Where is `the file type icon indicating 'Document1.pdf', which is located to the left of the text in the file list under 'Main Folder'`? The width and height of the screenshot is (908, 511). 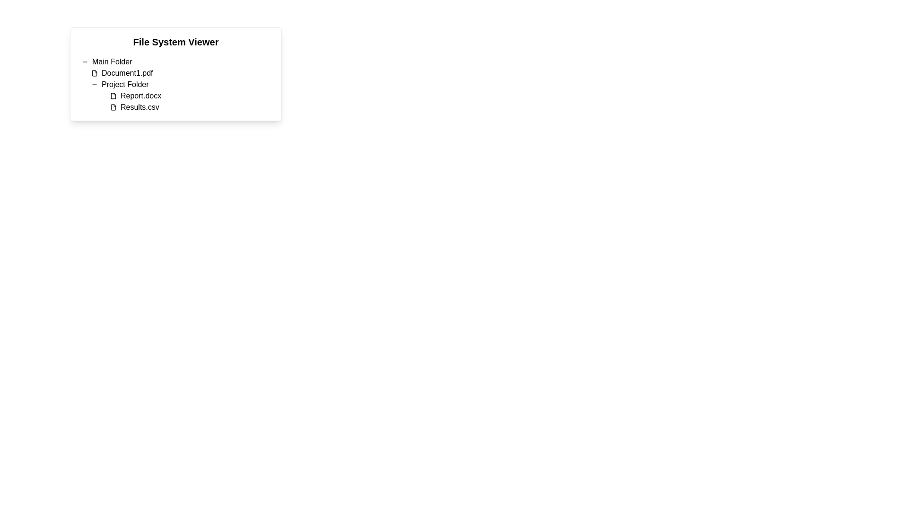
the file type icon indicating 'Document1.pdf', which is located to the left of the text in the file list under 'Main Folder' is located at coordinates (95, 72).